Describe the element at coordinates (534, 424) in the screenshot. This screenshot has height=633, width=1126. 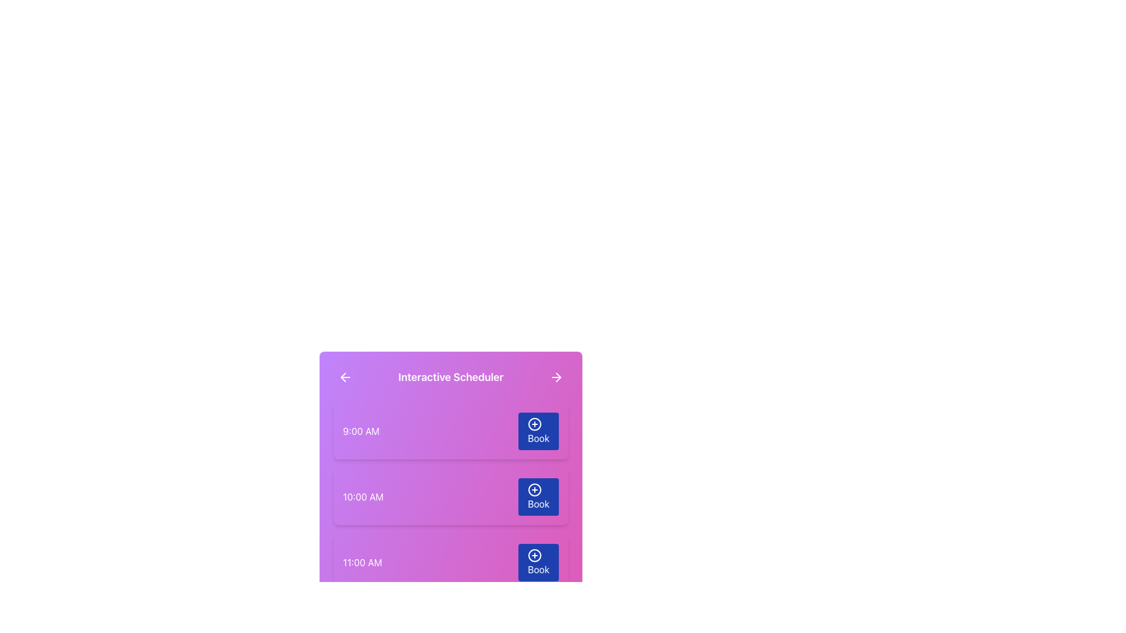
I see `the SVG Circle element filled with a distinct color located within the graphic layout containing the 'Book' label under the section labeled '9:00 AM'` at that location.